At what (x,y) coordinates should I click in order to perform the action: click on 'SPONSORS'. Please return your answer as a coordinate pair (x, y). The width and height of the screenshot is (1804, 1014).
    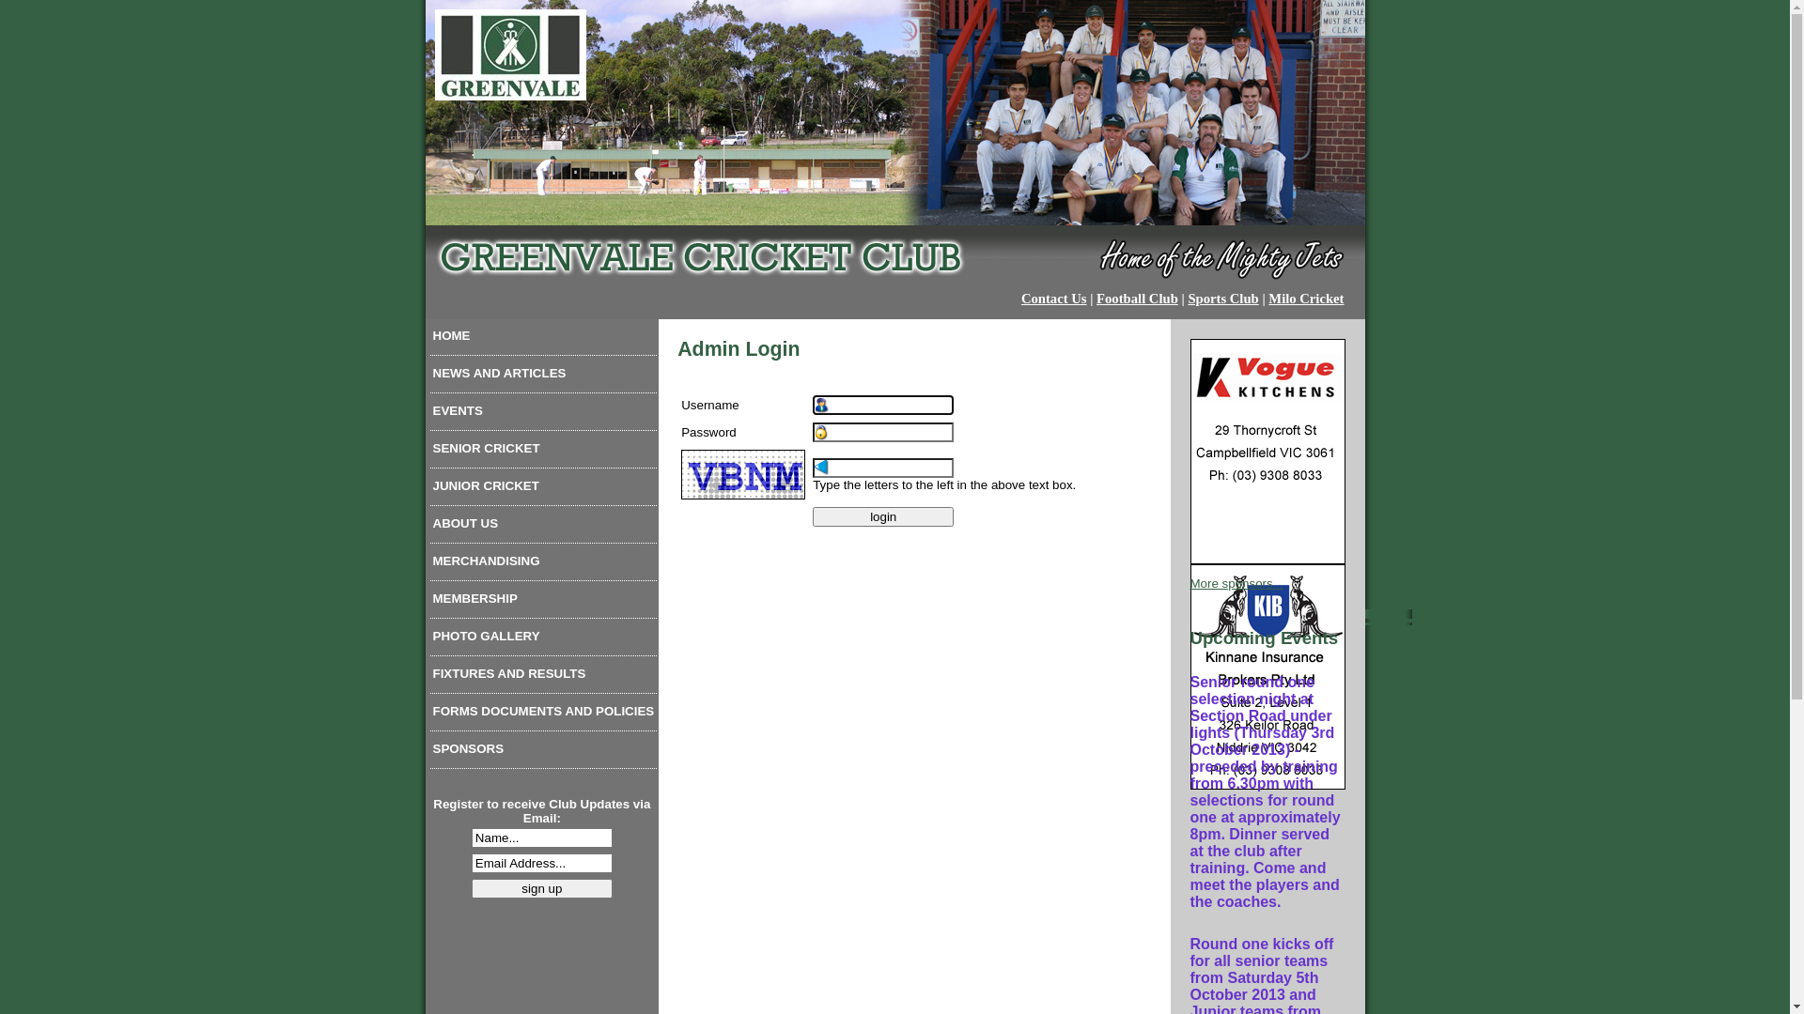
    Looking at the image, I should click on (543, 752).